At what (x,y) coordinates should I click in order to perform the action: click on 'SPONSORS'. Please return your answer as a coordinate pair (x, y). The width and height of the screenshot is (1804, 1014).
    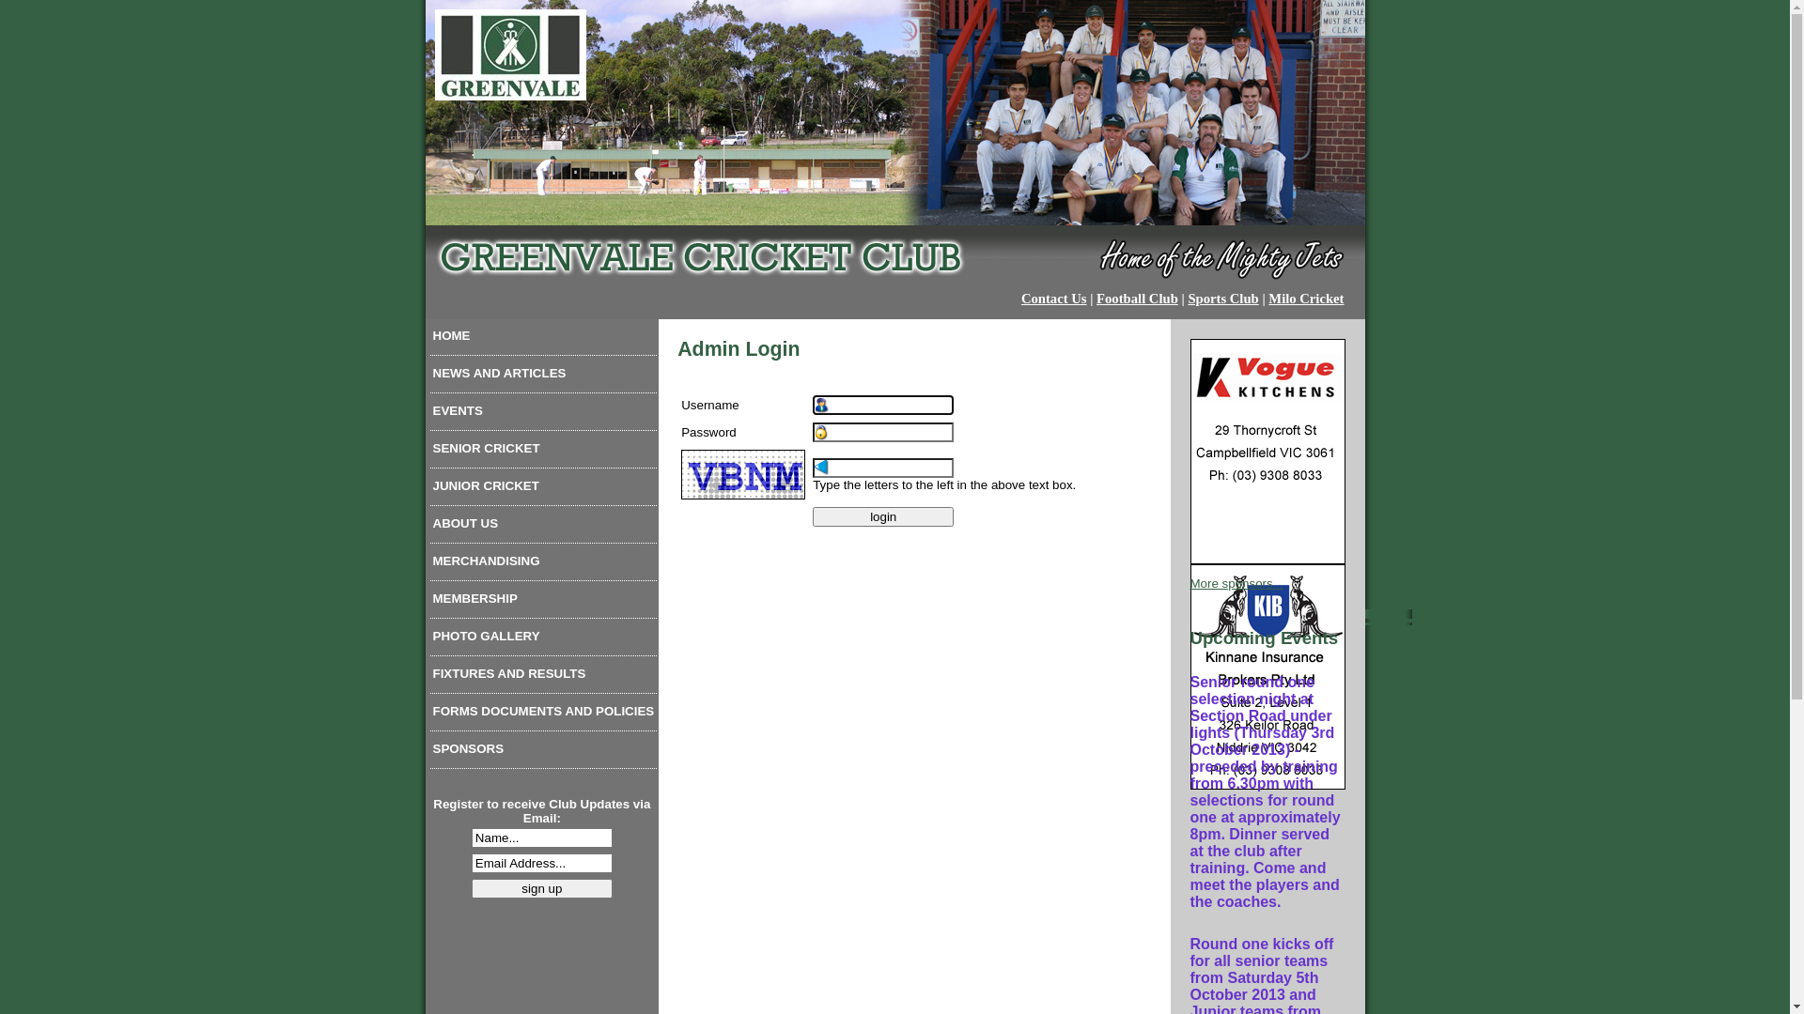
    Looking at the image, I should click on (543, 752).